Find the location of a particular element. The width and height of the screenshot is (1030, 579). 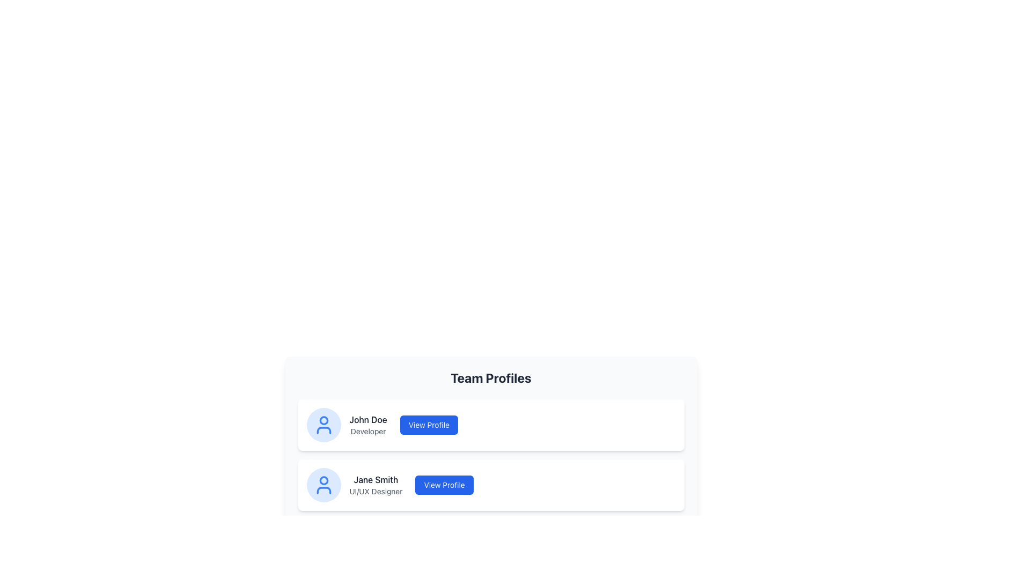

the circular graphic component that enhances the user profile icon, located in the upper part of the icon above the team member's name and role is located at coordinates (323, 480).